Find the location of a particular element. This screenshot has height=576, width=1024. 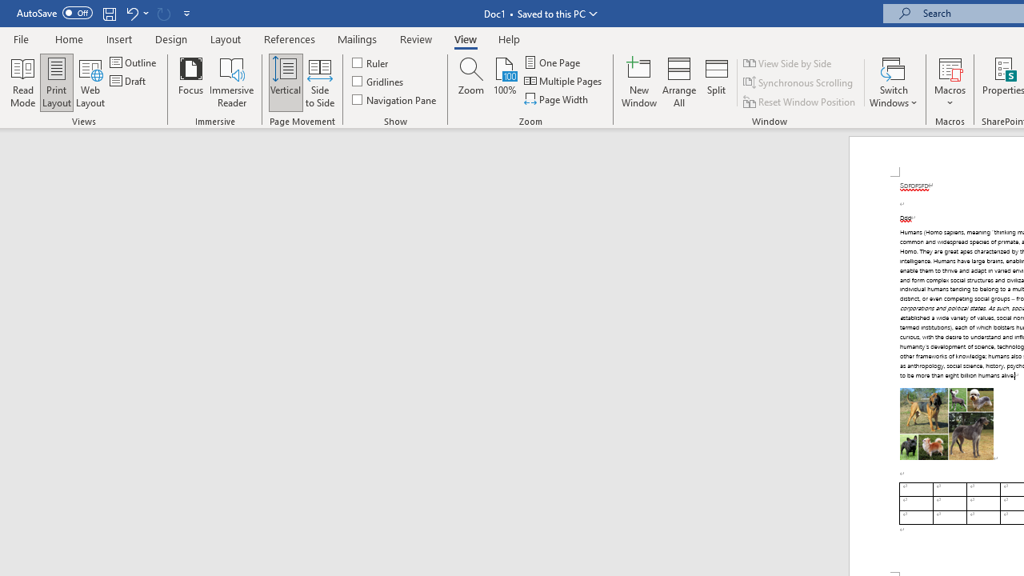

'Macros' is located at coordinates (950, 82).